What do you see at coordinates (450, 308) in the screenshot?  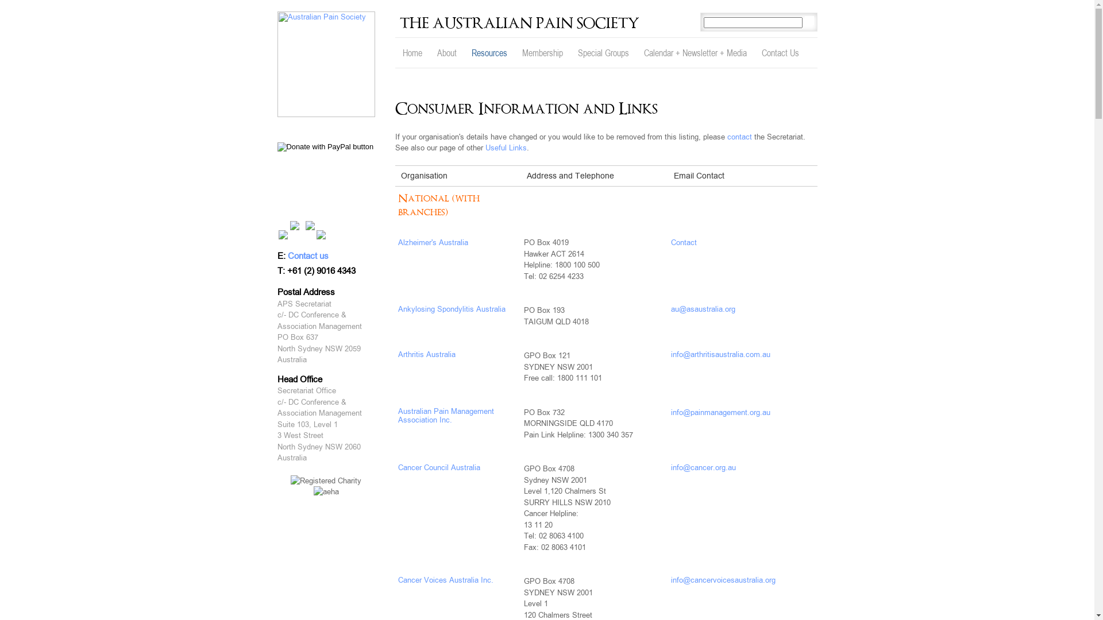 I see `'Ankylosing Spondylitis Australia'` at bounding box center [450, 308].